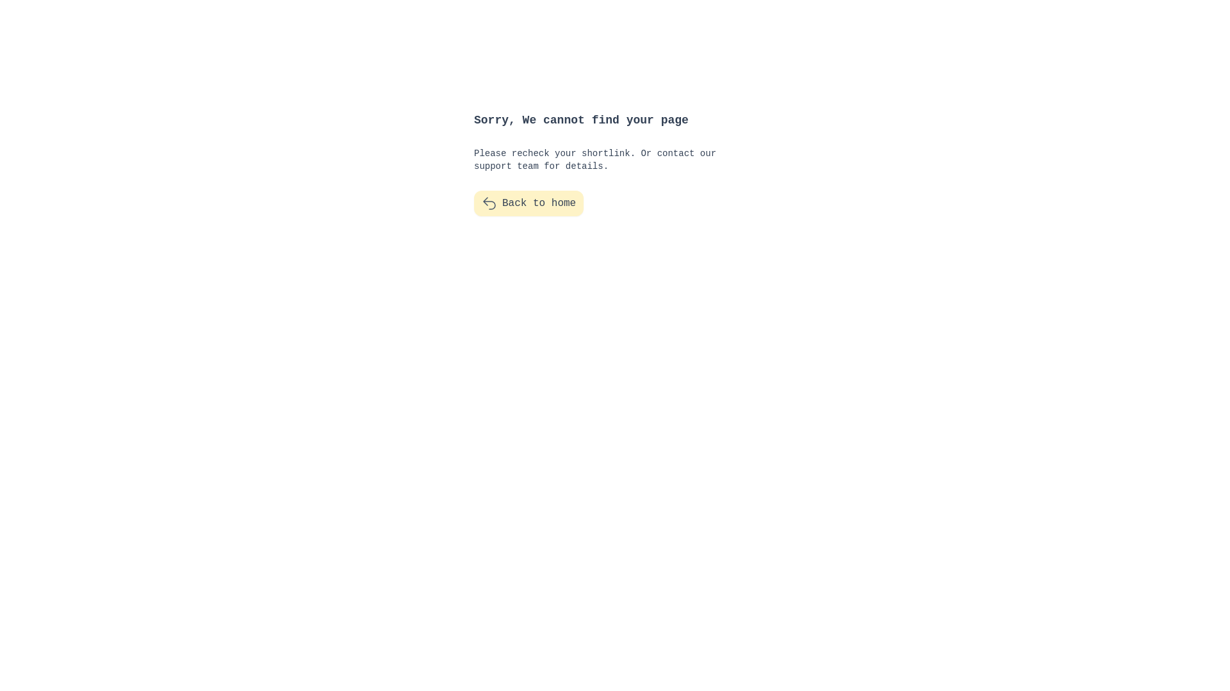 The image size is (1230, 691). I want to click on 'Back to home', so click(529, 202).